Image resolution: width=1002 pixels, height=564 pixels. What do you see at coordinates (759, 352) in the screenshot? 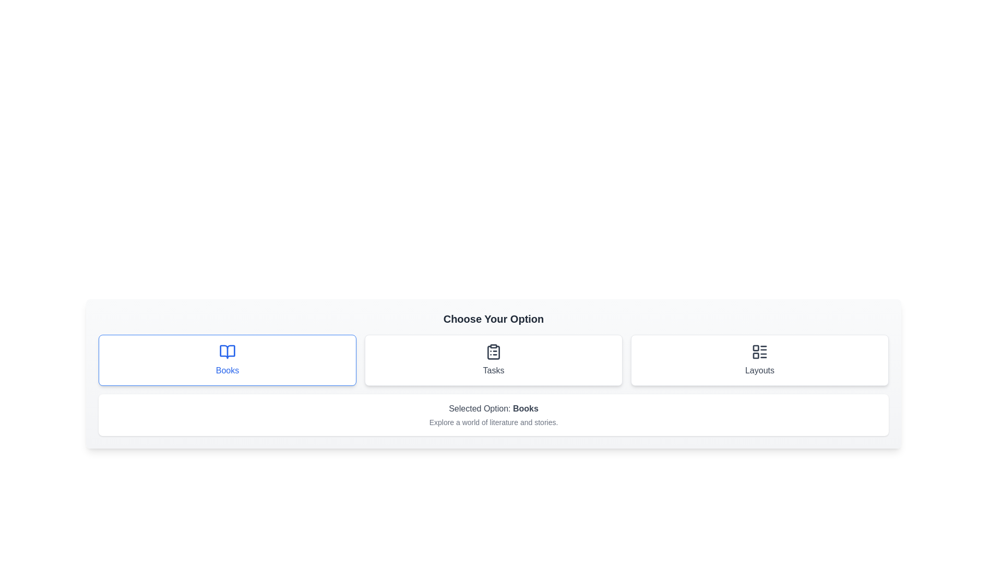
I see `the 'Layouts' icon, which is centrally positioned above the text 'Layouts' within its option card` at bounding box center [759, 352].